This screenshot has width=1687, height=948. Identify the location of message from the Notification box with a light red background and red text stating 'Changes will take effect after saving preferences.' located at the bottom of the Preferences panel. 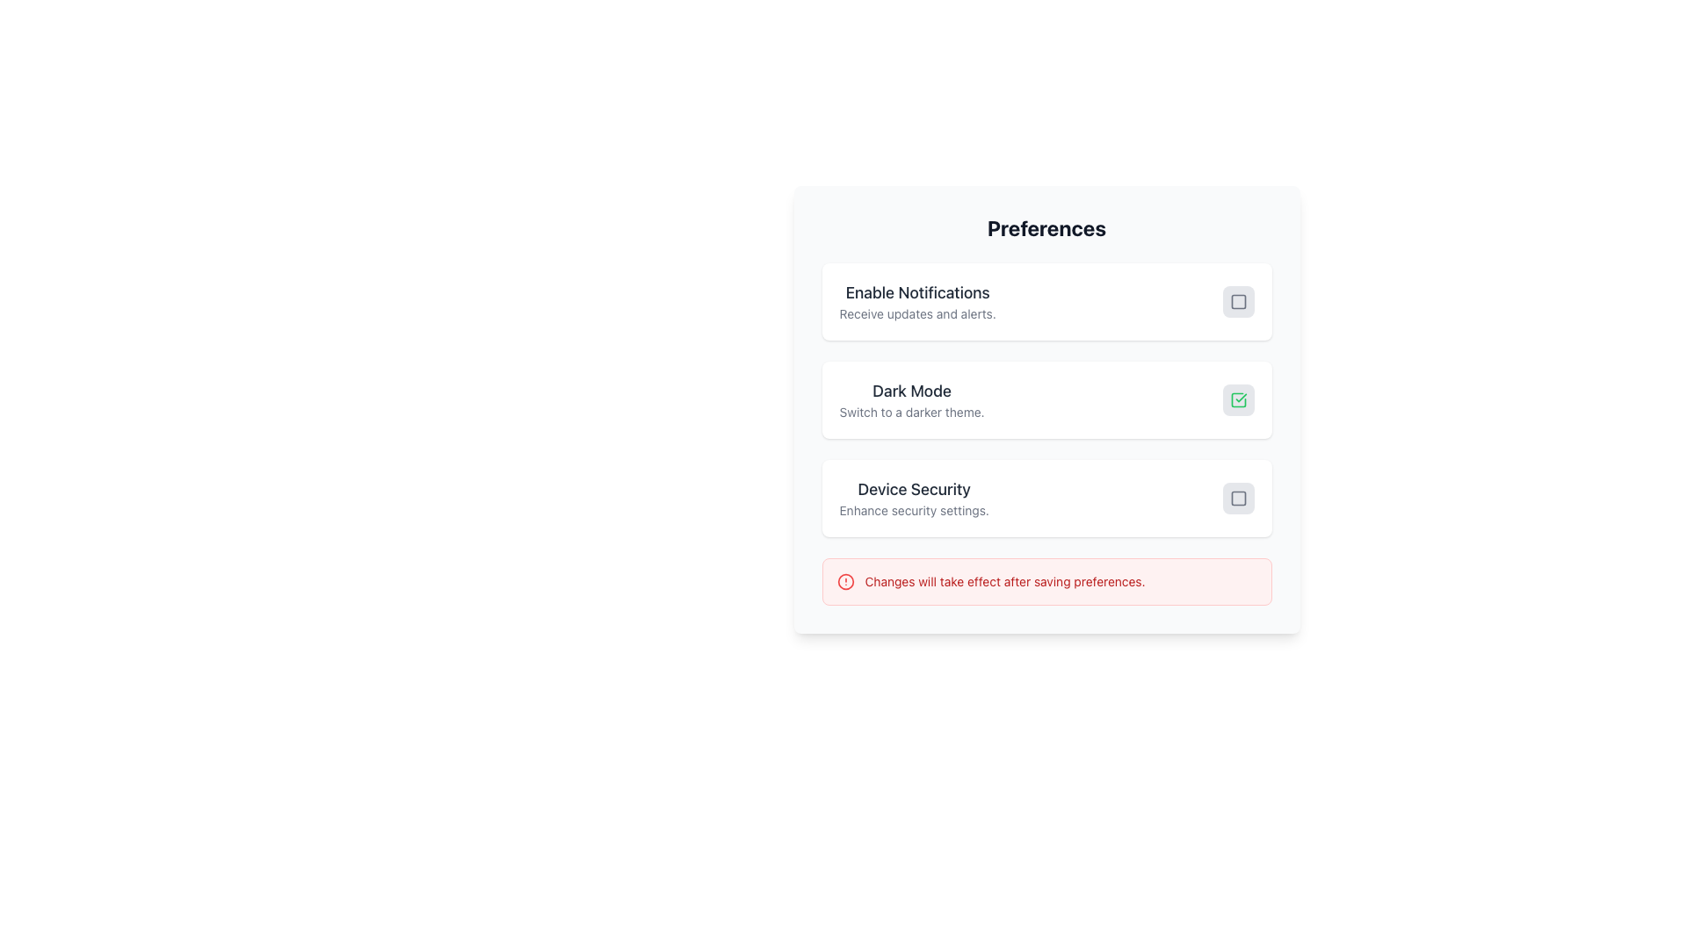
(1046, 582).